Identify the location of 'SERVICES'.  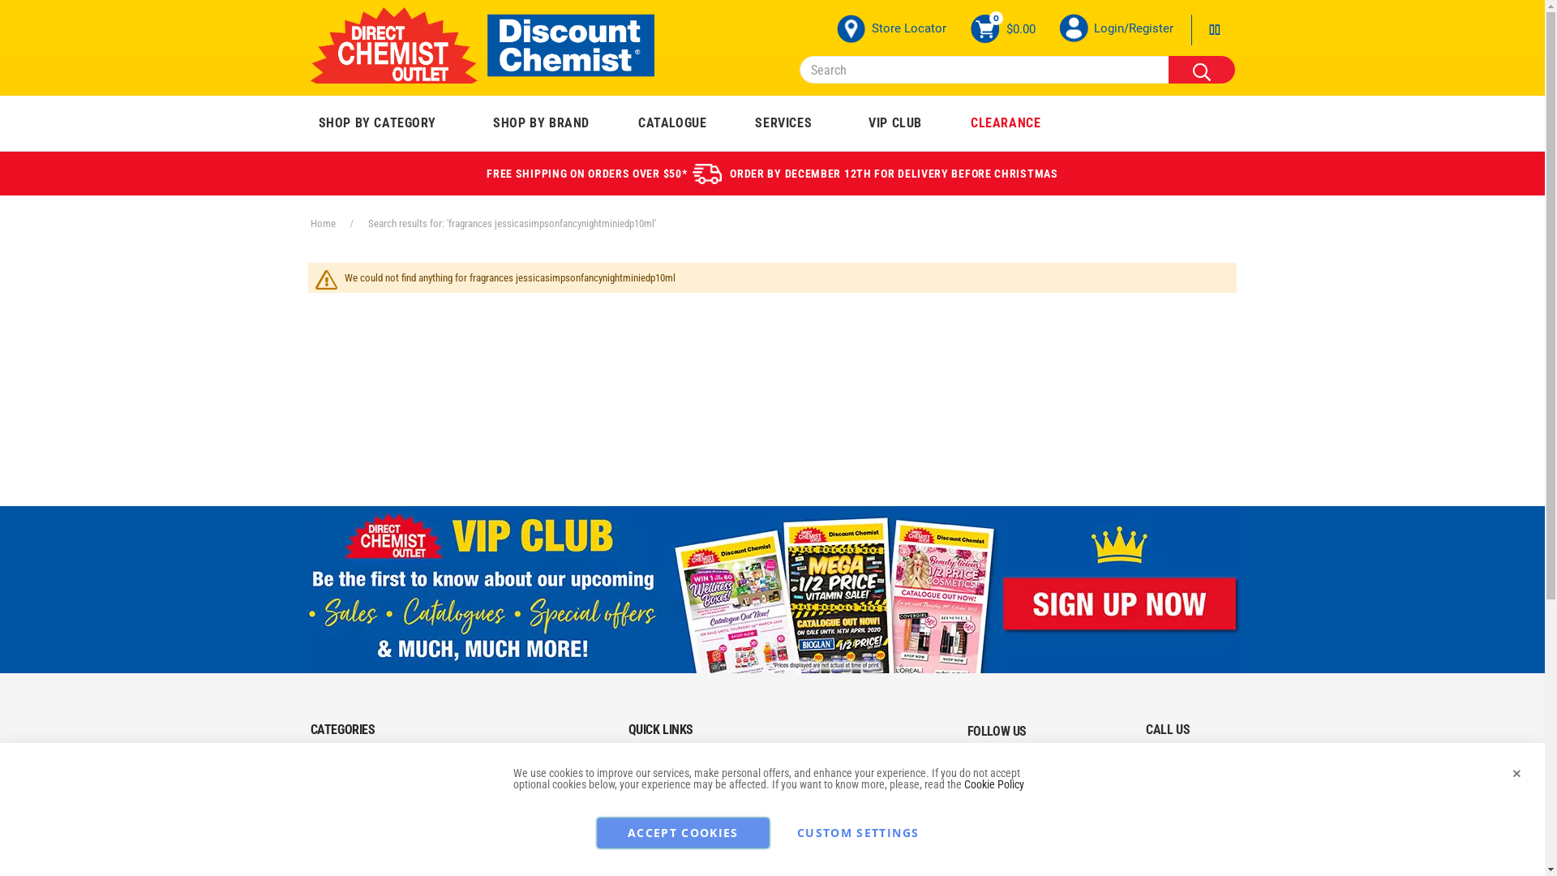
(783, 122).